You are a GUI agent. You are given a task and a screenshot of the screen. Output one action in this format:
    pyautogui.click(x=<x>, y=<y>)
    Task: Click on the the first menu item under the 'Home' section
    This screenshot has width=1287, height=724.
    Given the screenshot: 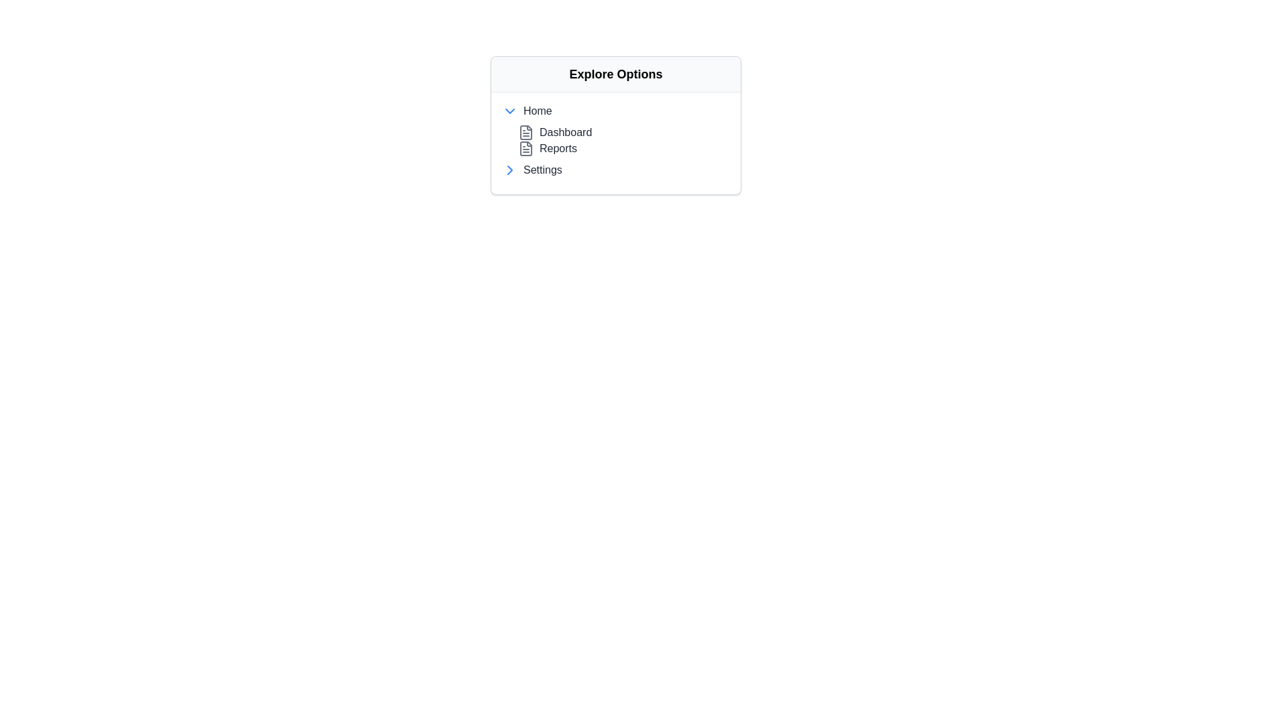 What is the action you would take?
    pyautogui.click(x=623, y=132)
    